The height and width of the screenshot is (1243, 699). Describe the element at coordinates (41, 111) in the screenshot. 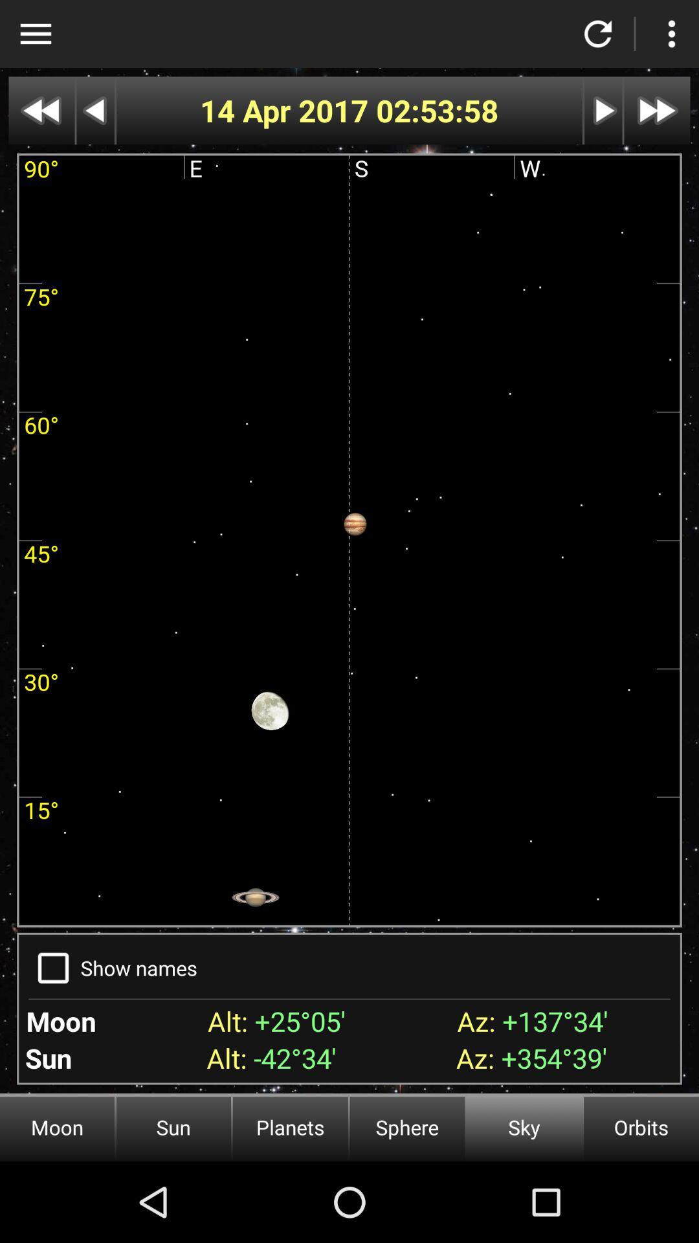

I see `back` at that location.